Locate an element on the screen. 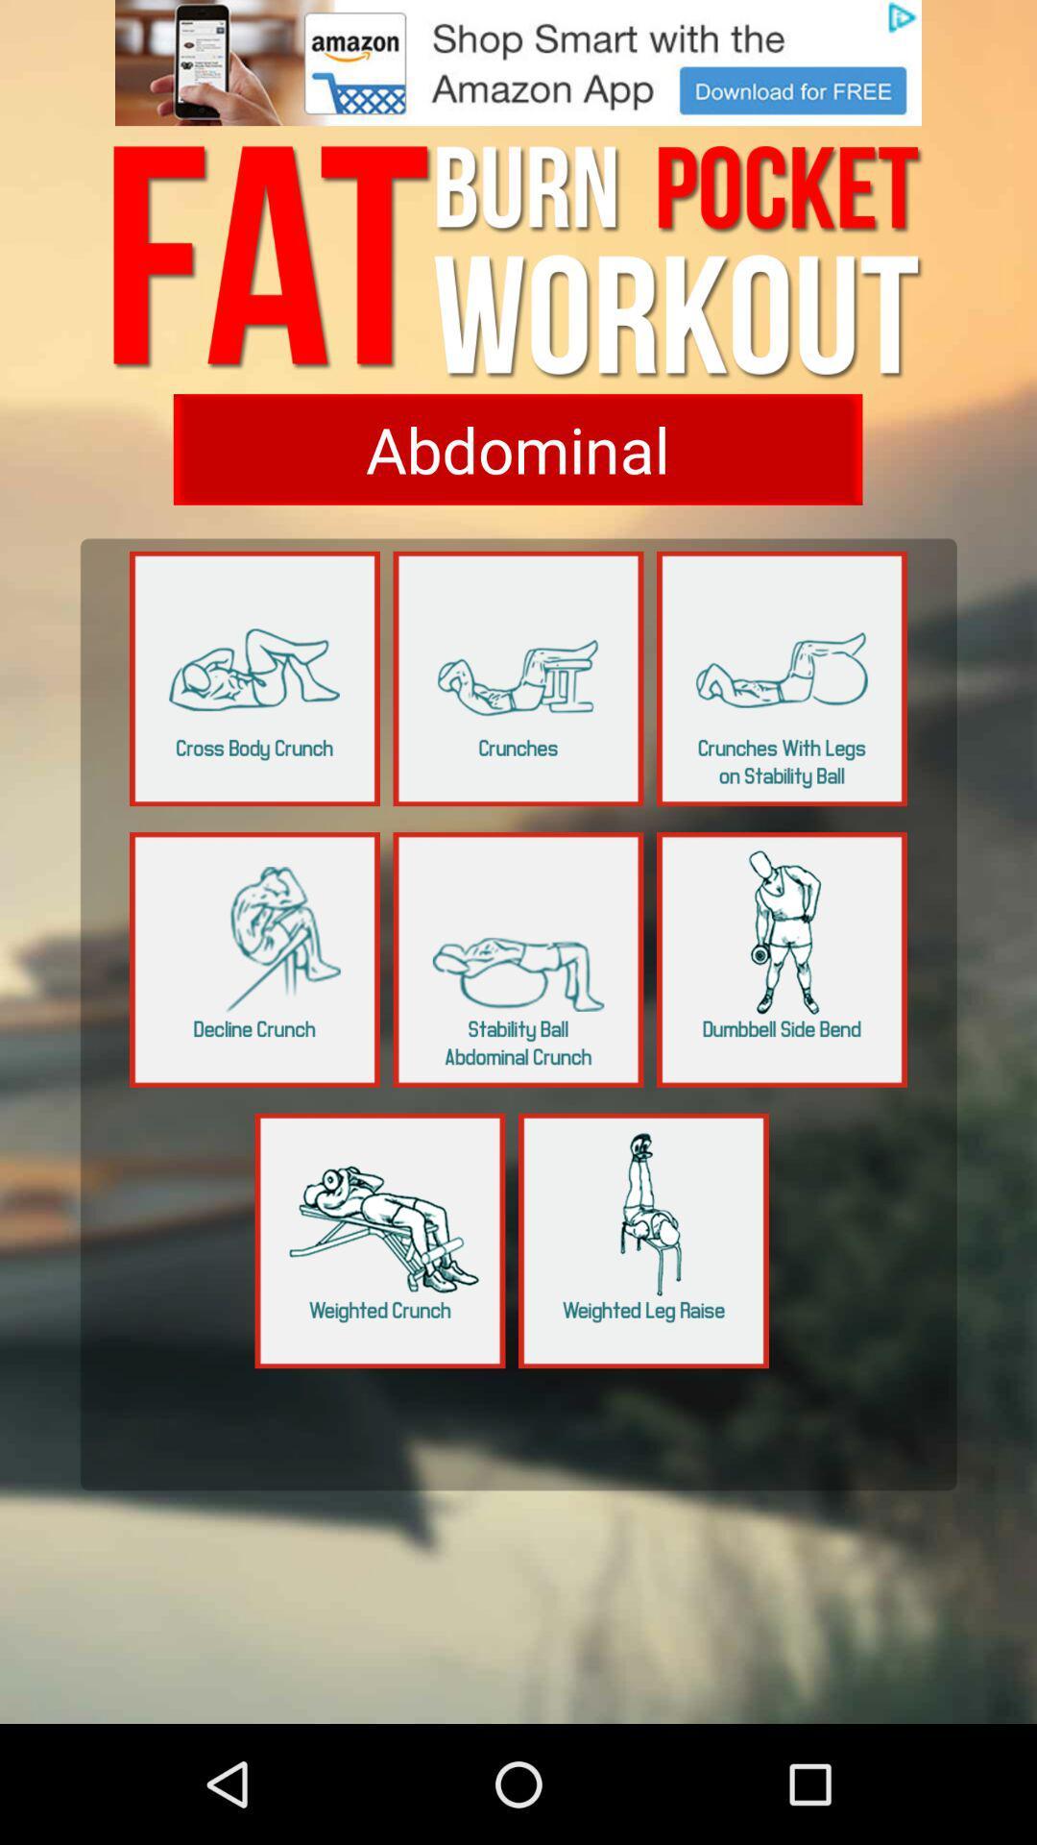  click exercise box weighted crunch is located at coordinates (380, 1241).